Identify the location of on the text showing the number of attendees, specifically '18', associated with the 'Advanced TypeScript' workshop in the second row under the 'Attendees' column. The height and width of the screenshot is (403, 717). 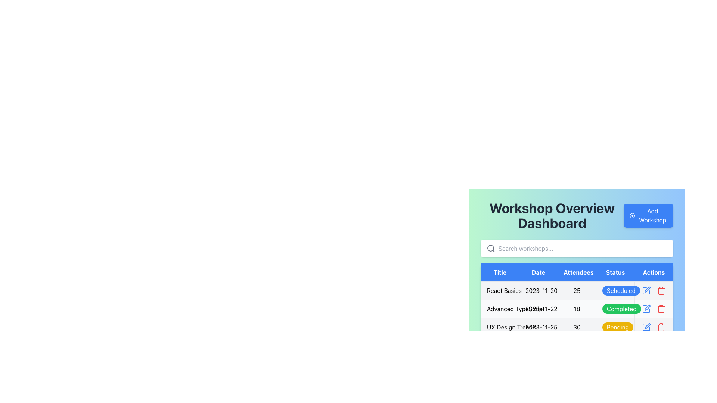
(577, 309).